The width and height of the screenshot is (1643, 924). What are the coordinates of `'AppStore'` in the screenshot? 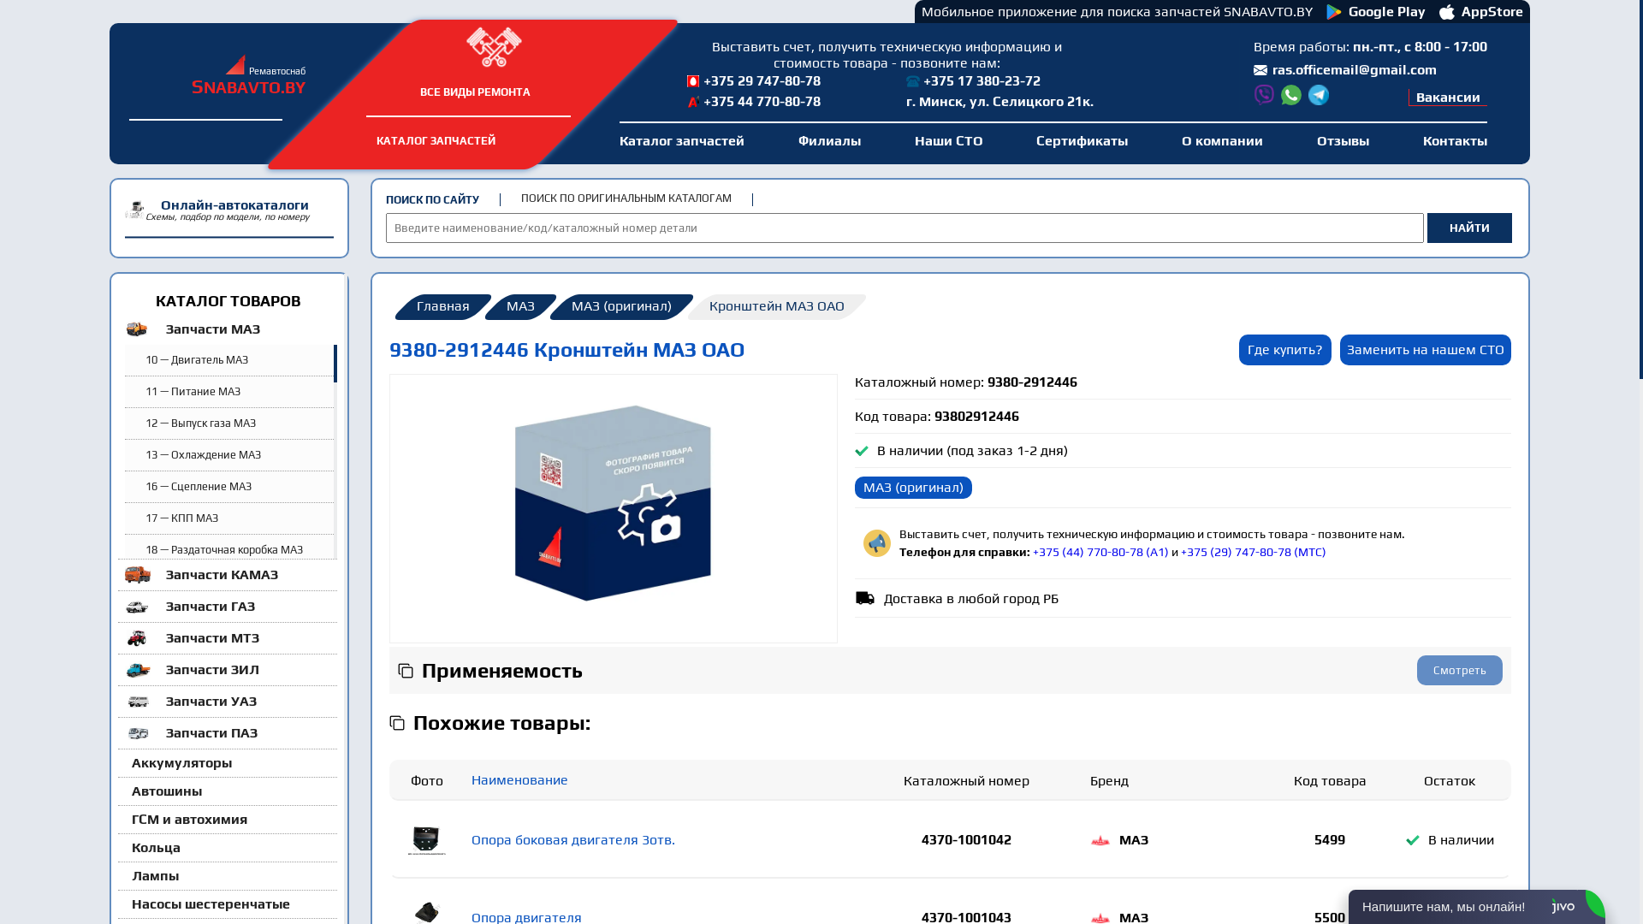 It's located at (1480, 10).